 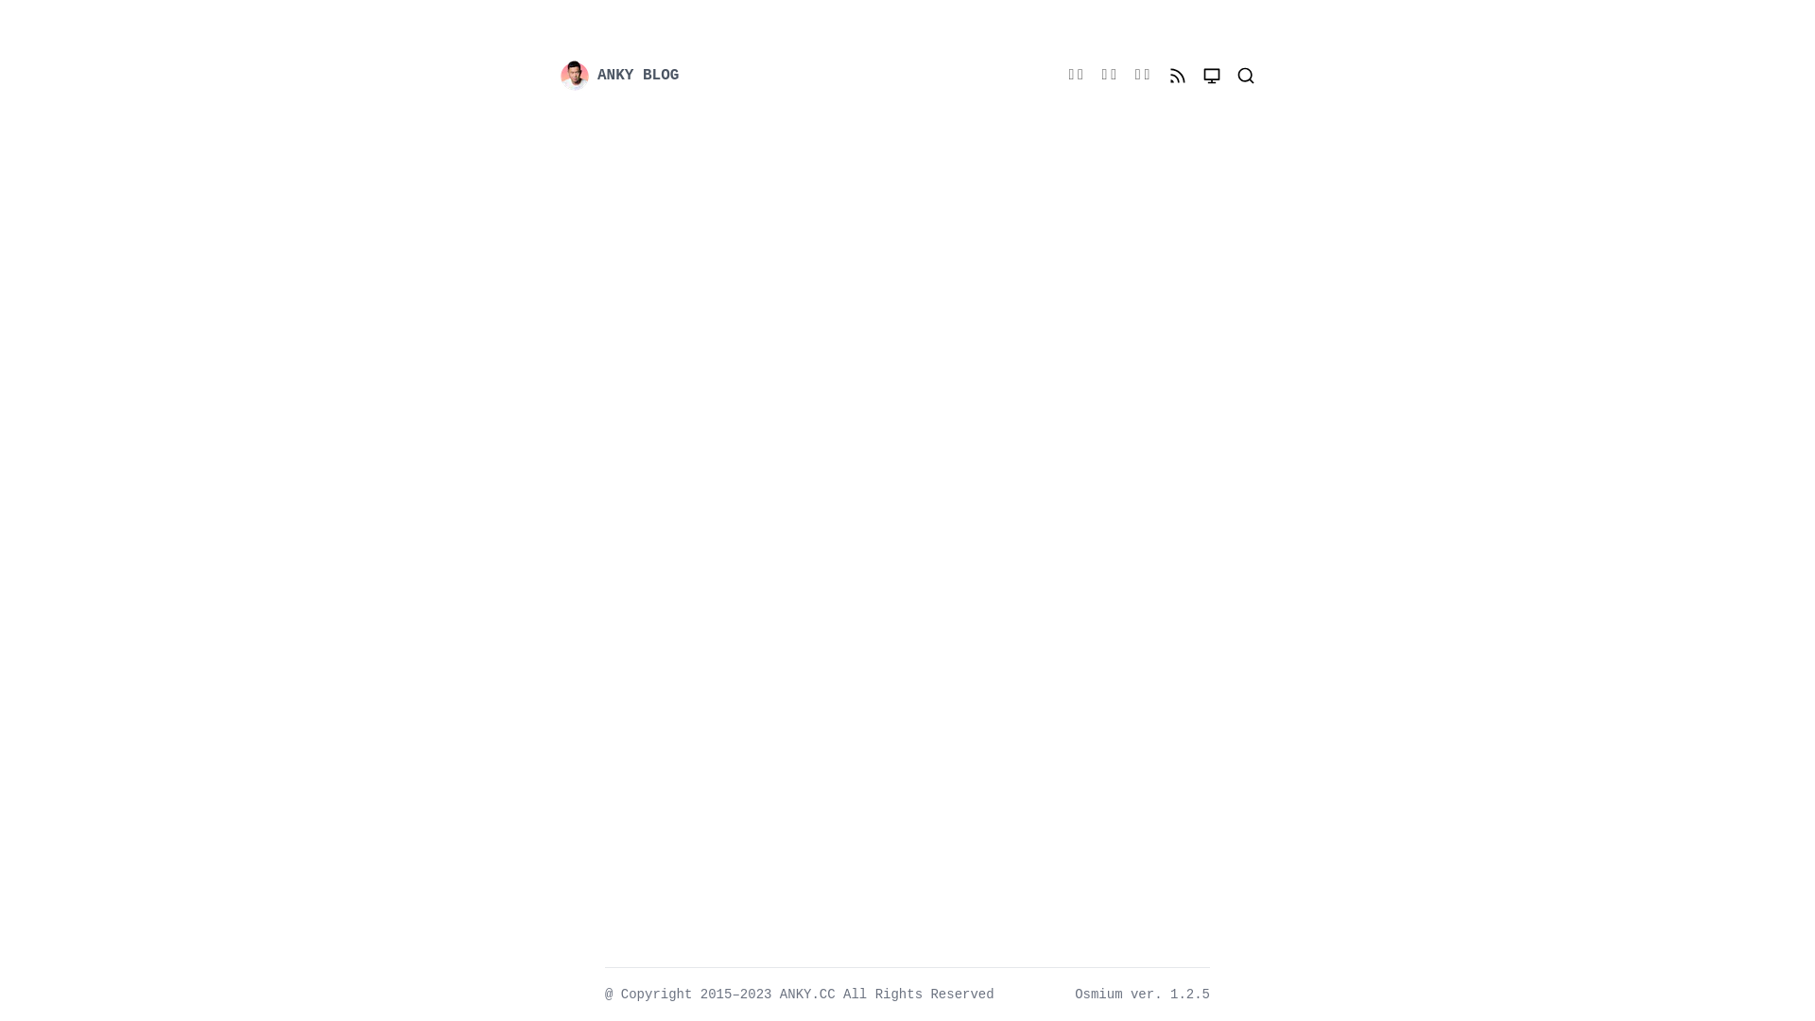 What do you see at coordinates (558, 75) in the screenshot?
I see `'ANKY BLOG'` at bounding box center [558, 75].